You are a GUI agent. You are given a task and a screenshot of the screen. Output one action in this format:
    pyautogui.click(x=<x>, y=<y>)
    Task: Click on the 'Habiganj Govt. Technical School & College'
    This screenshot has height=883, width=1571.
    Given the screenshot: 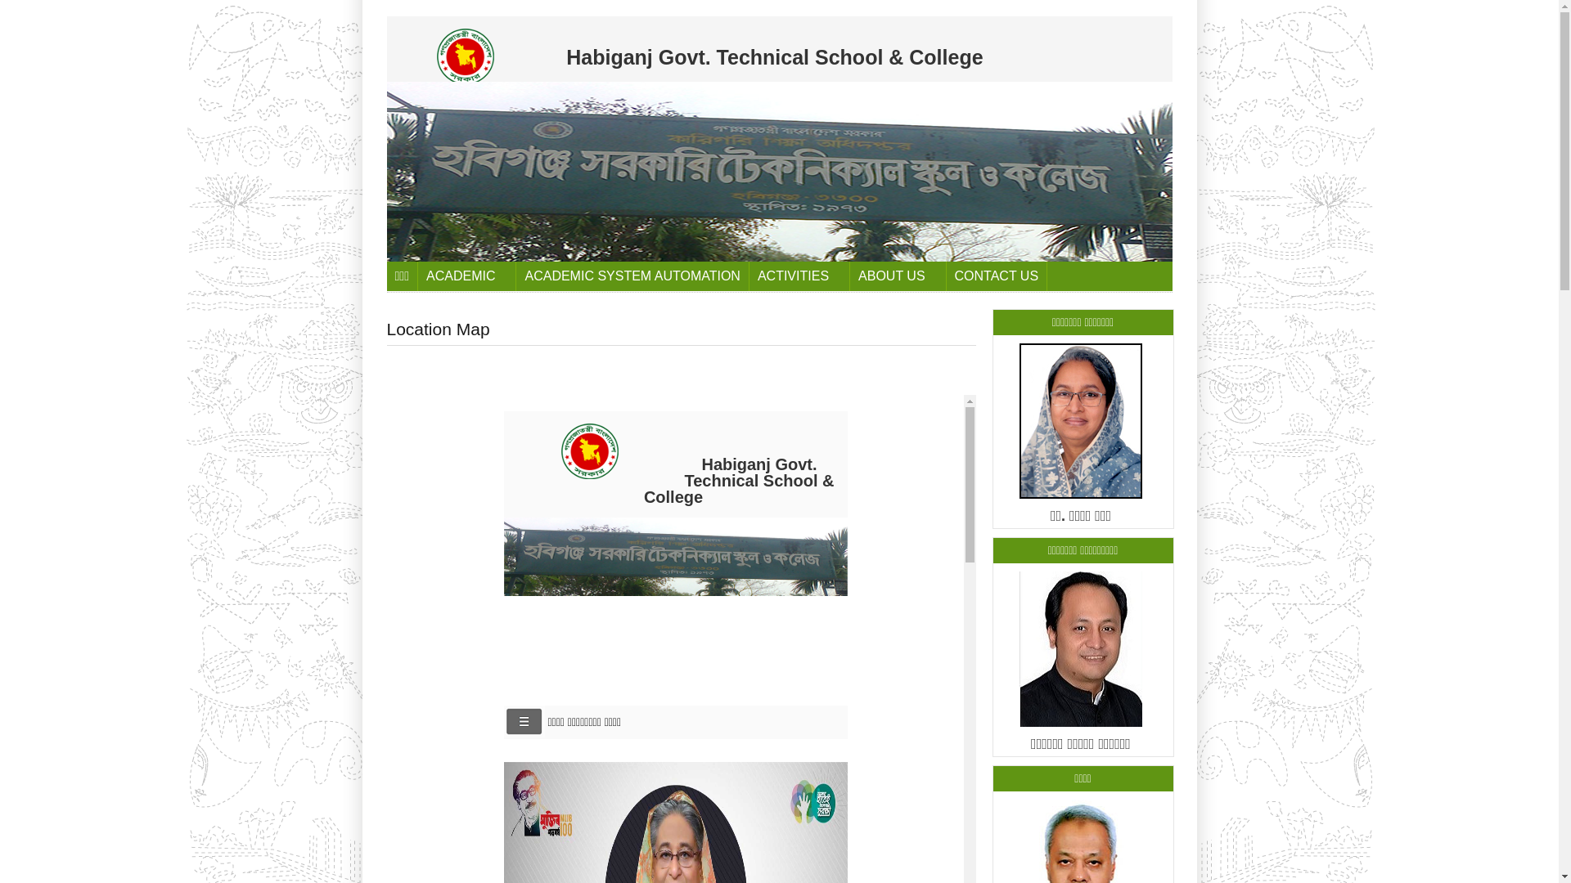 What is the action you would take?
    pyautogui.click(x=776, y=48)
    